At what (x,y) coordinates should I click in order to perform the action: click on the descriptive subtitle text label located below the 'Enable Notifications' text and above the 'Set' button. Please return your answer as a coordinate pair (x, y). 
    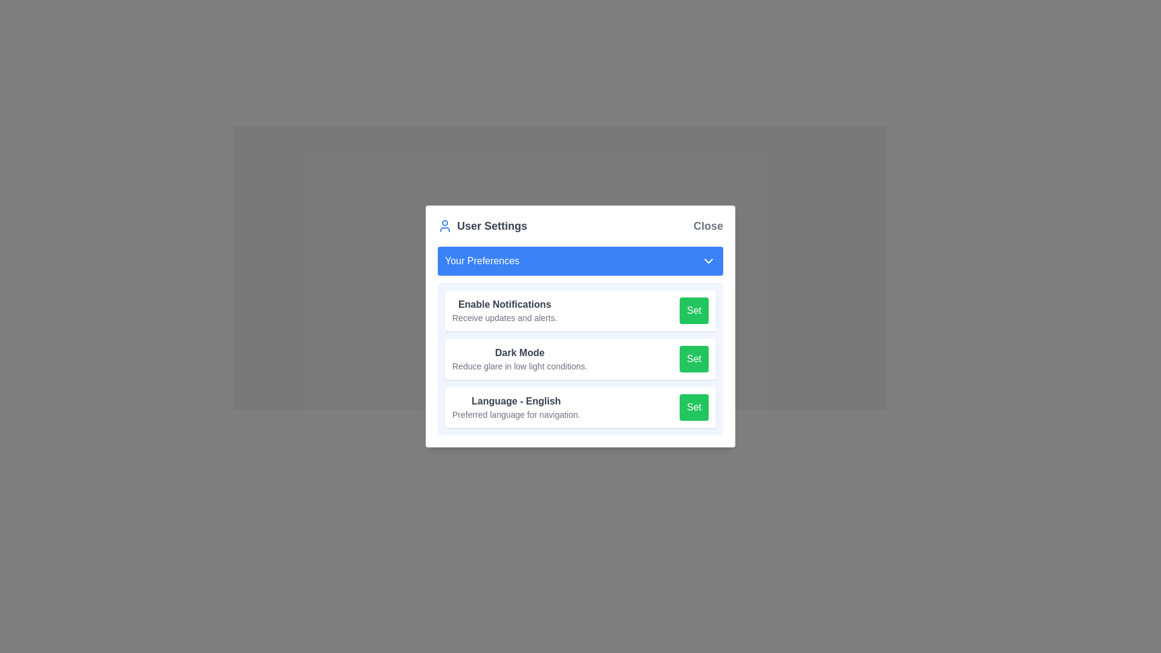
    Looking at the image, I should click on (504, 317).